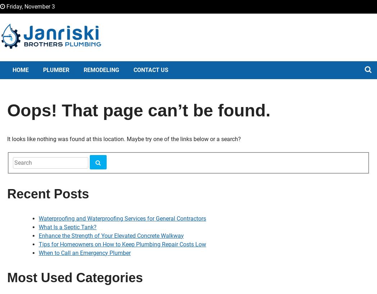  Describe the element at coordinates (56, 69) in the screenshot. I see `'Plumber'` at that location.